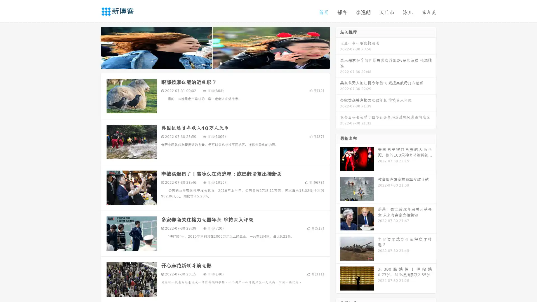  What do you see at coordinates (215, 63) in the screenshot?
I see `Go to slide 2` at bounding box center [215, 63].